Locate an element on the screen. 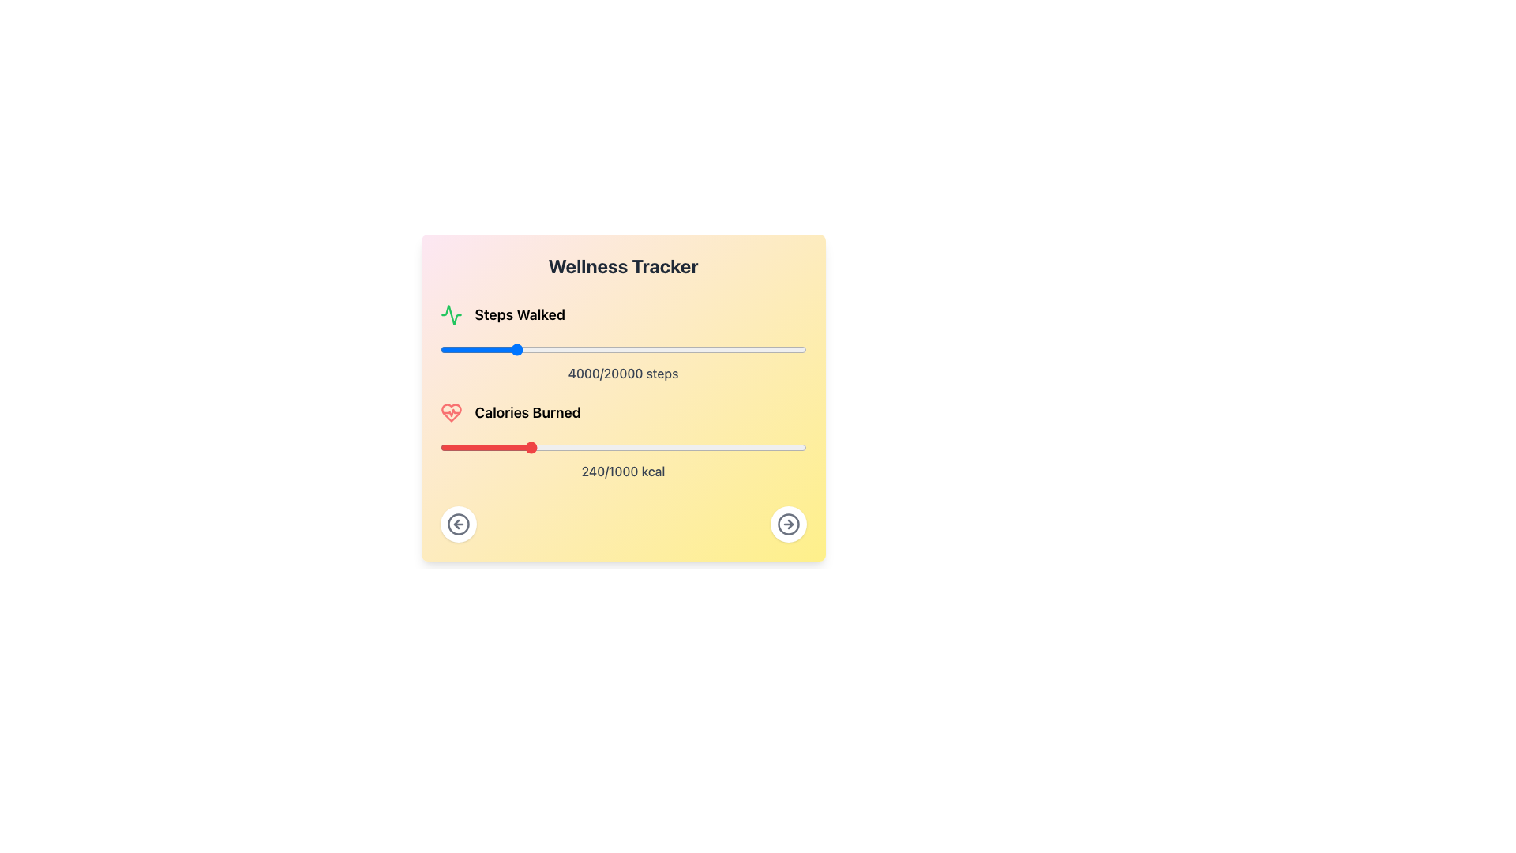 This screenshot has width=1516, height=853. the text label reading 'Steps Walked', which is styled with a bold font and positioned within a widget with a pale background, located near the top portion of the widget and aligned horizontally with a green waveform icon is located at coordinates (520, 314).